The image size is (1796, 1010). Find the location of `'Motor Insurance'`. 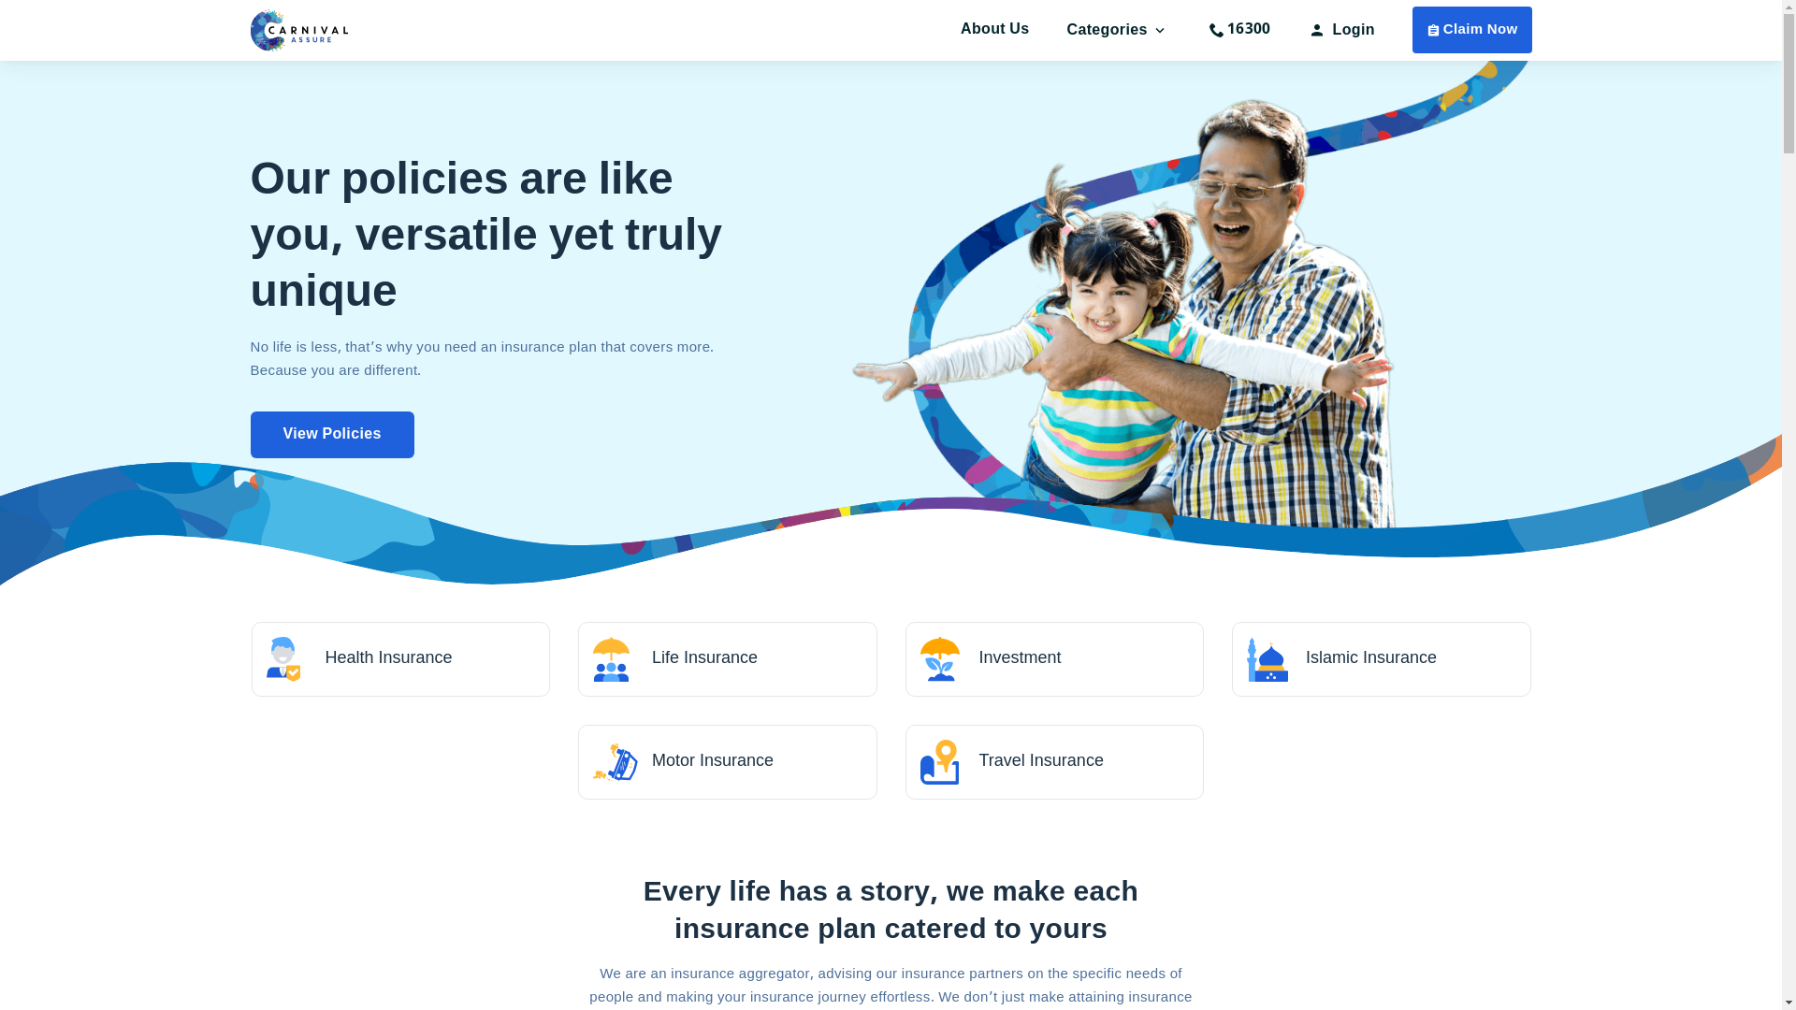

'Motor Insurance' is located at coordinates (726, 761).